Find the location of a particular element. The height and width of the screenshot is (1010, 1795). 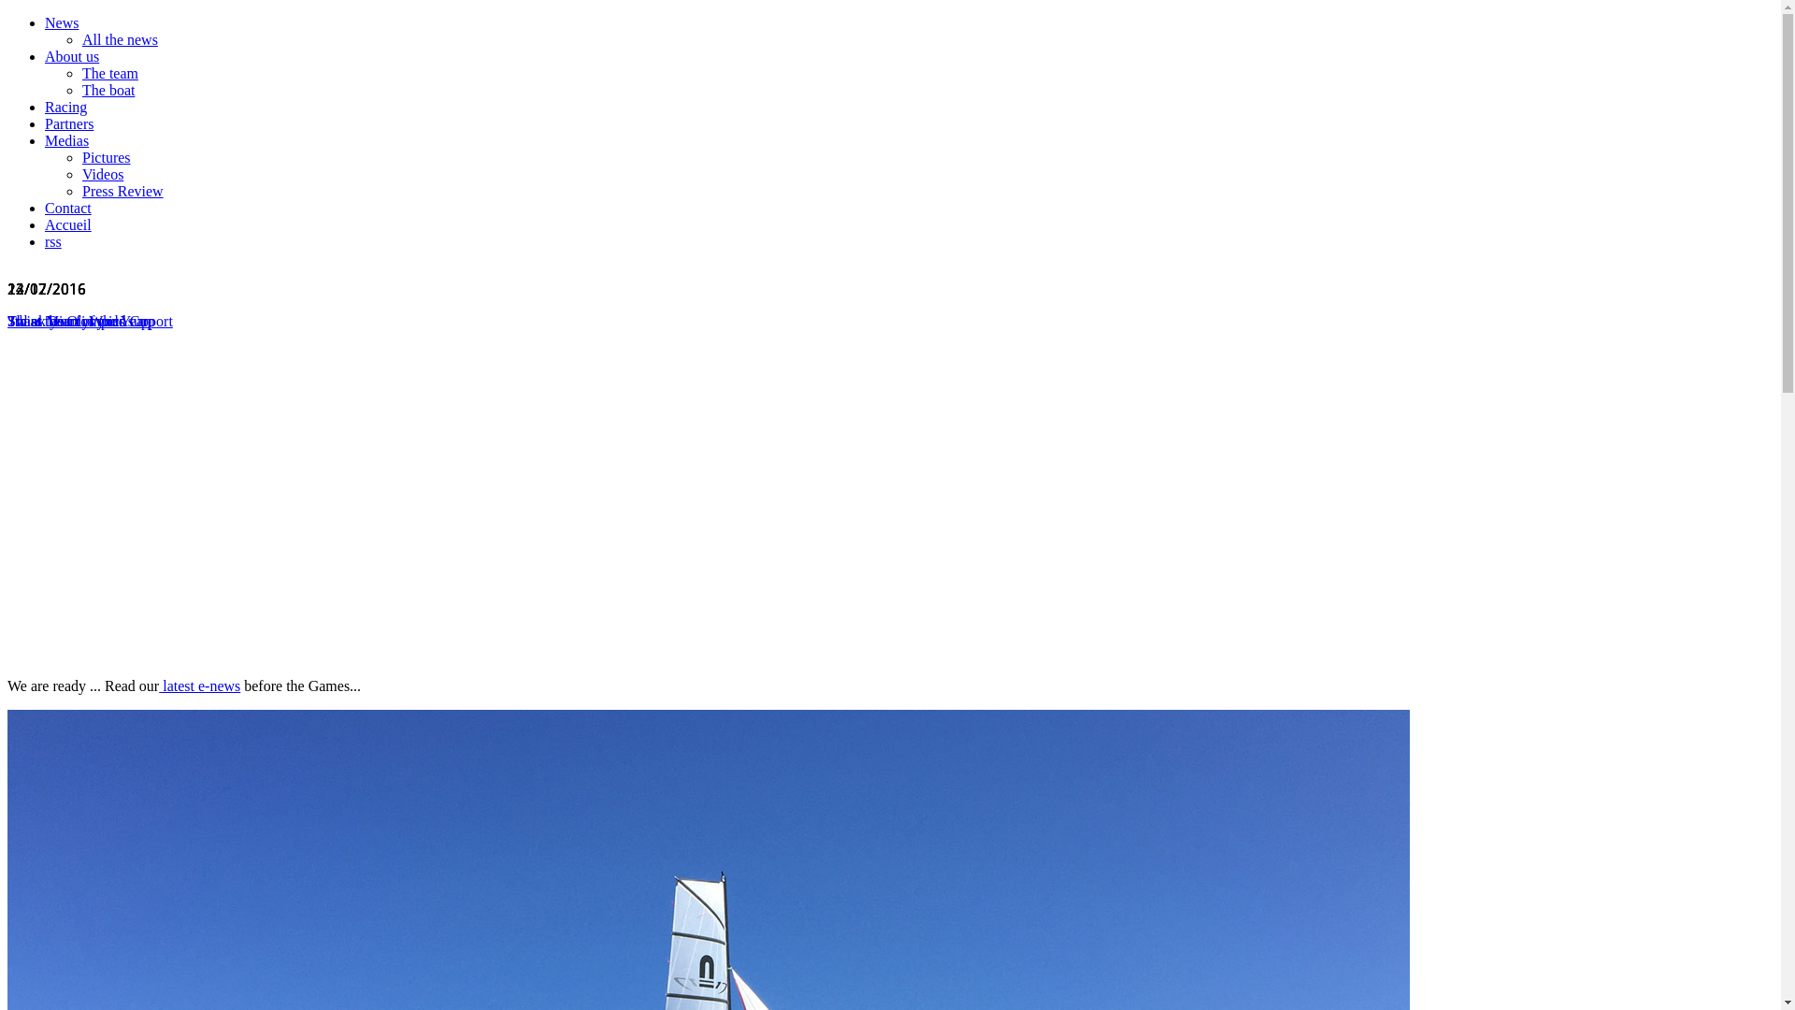

'Accueil' is located at coordinates (67, 224).